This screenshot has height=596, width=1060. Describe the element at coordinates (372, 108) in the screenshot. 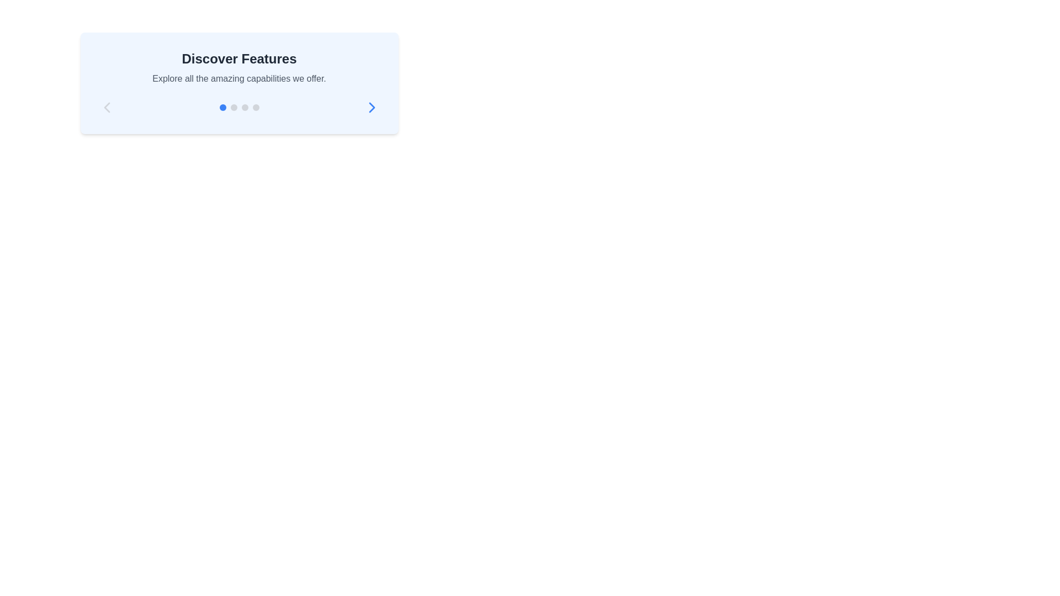

I see `the navigation arrow icon at the right end of the carousel to move to the next item` at that location.